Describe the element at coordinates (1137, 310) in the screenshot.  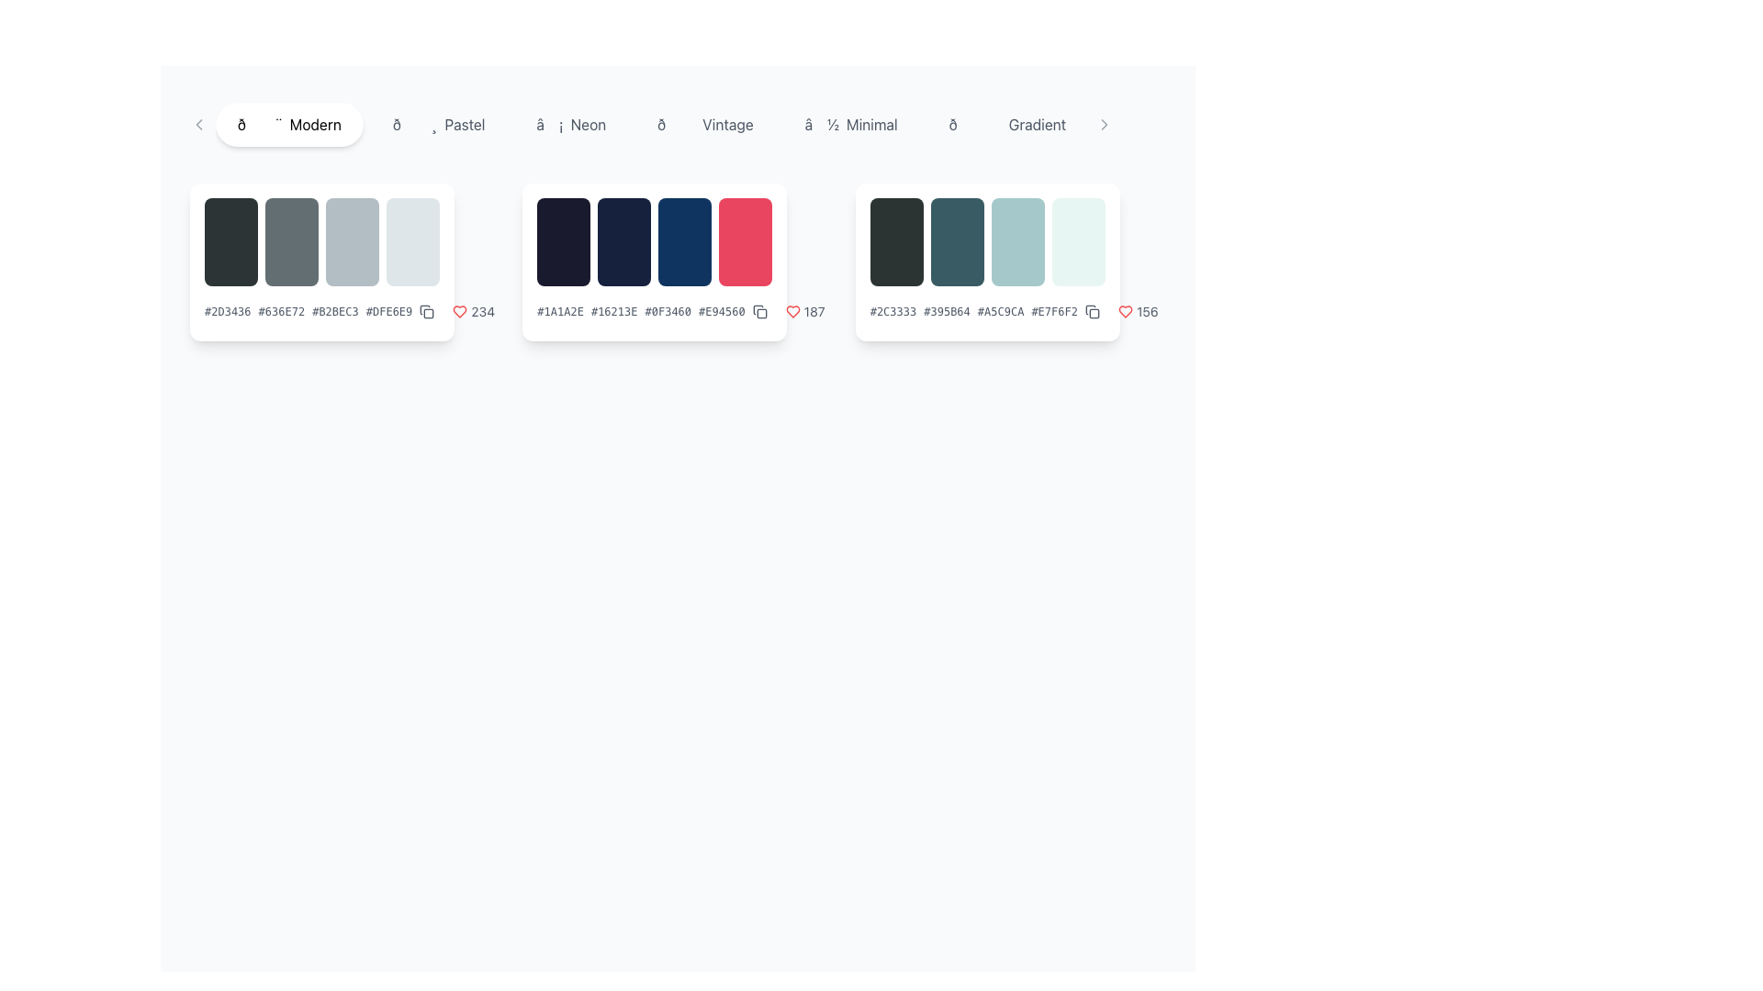
I see `the like count label located at the bottom-right corner of the third card from the left, which indicates the number of likes or favorites` at that location.